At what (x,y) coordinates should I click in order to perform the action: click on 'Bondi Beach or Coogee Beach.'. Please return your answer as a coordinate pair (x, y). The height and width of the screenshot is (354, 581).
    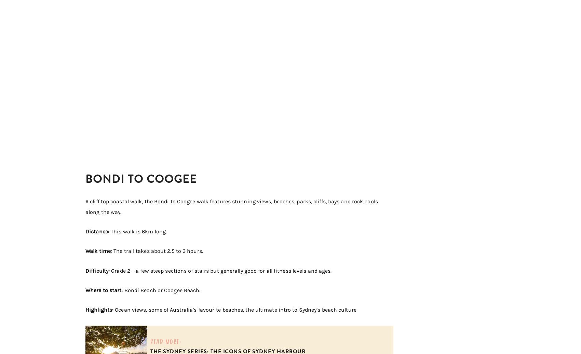
    Looking at the image, I should click on (162, 290).